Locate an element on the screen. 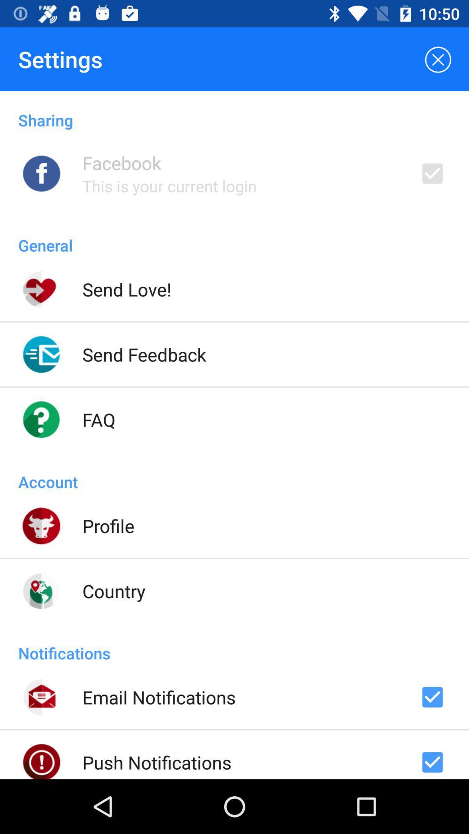  icon below the send love! item is located at coordinates (144, 354).